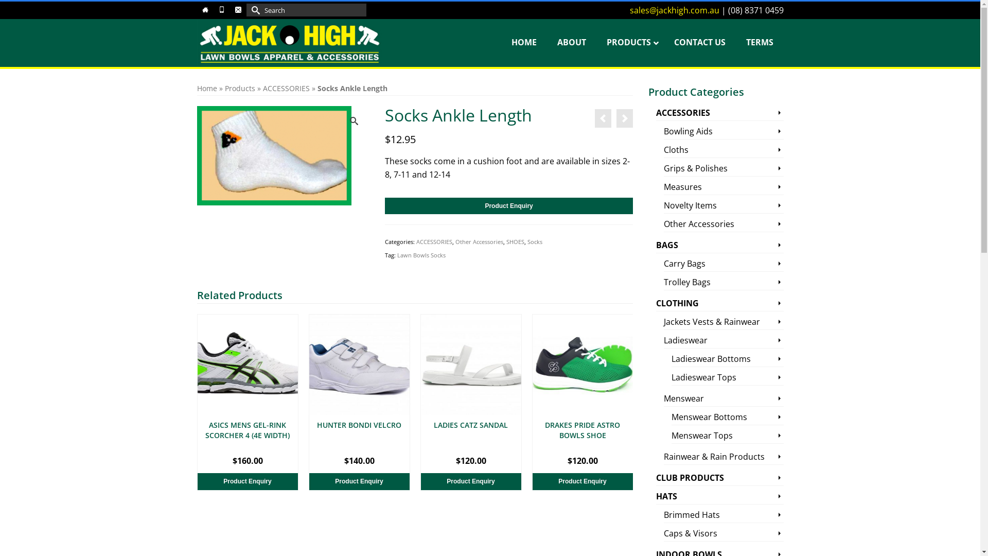 The image size is (988, 556). I want to click on 'CONTACT US', so click(664, 42).